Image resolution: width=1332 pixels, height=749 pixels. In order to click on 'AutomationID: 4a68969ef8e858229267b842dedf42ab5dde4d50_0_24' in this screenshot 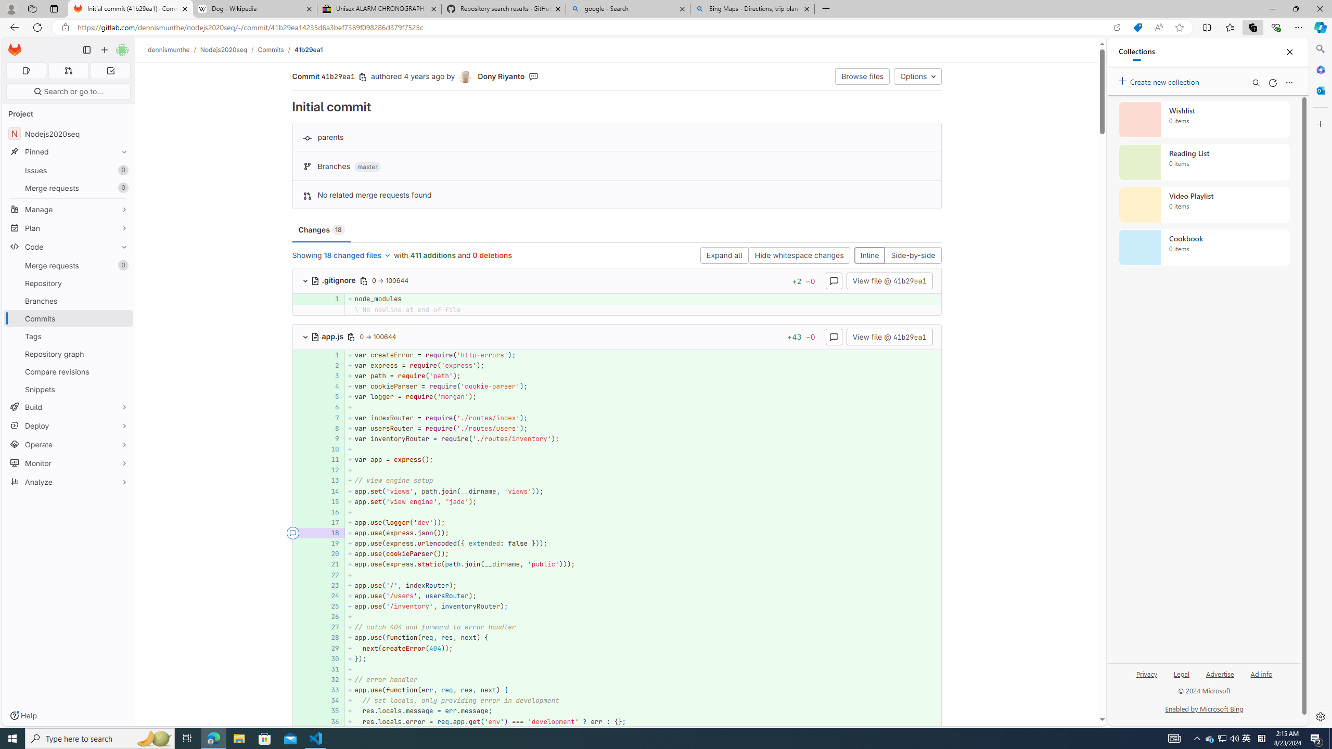, I will do `click(617, 596)`.